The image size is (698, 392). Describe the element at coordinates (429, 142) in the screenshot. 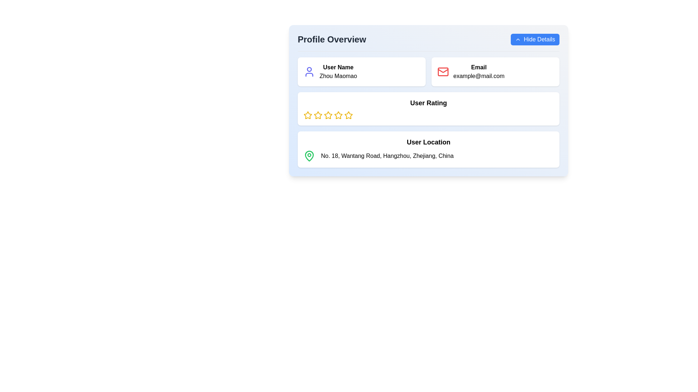

I see `the 'User Location' text label, which is styled in bold and positioned above the address details within a card at the bottom of the card content` at that location.